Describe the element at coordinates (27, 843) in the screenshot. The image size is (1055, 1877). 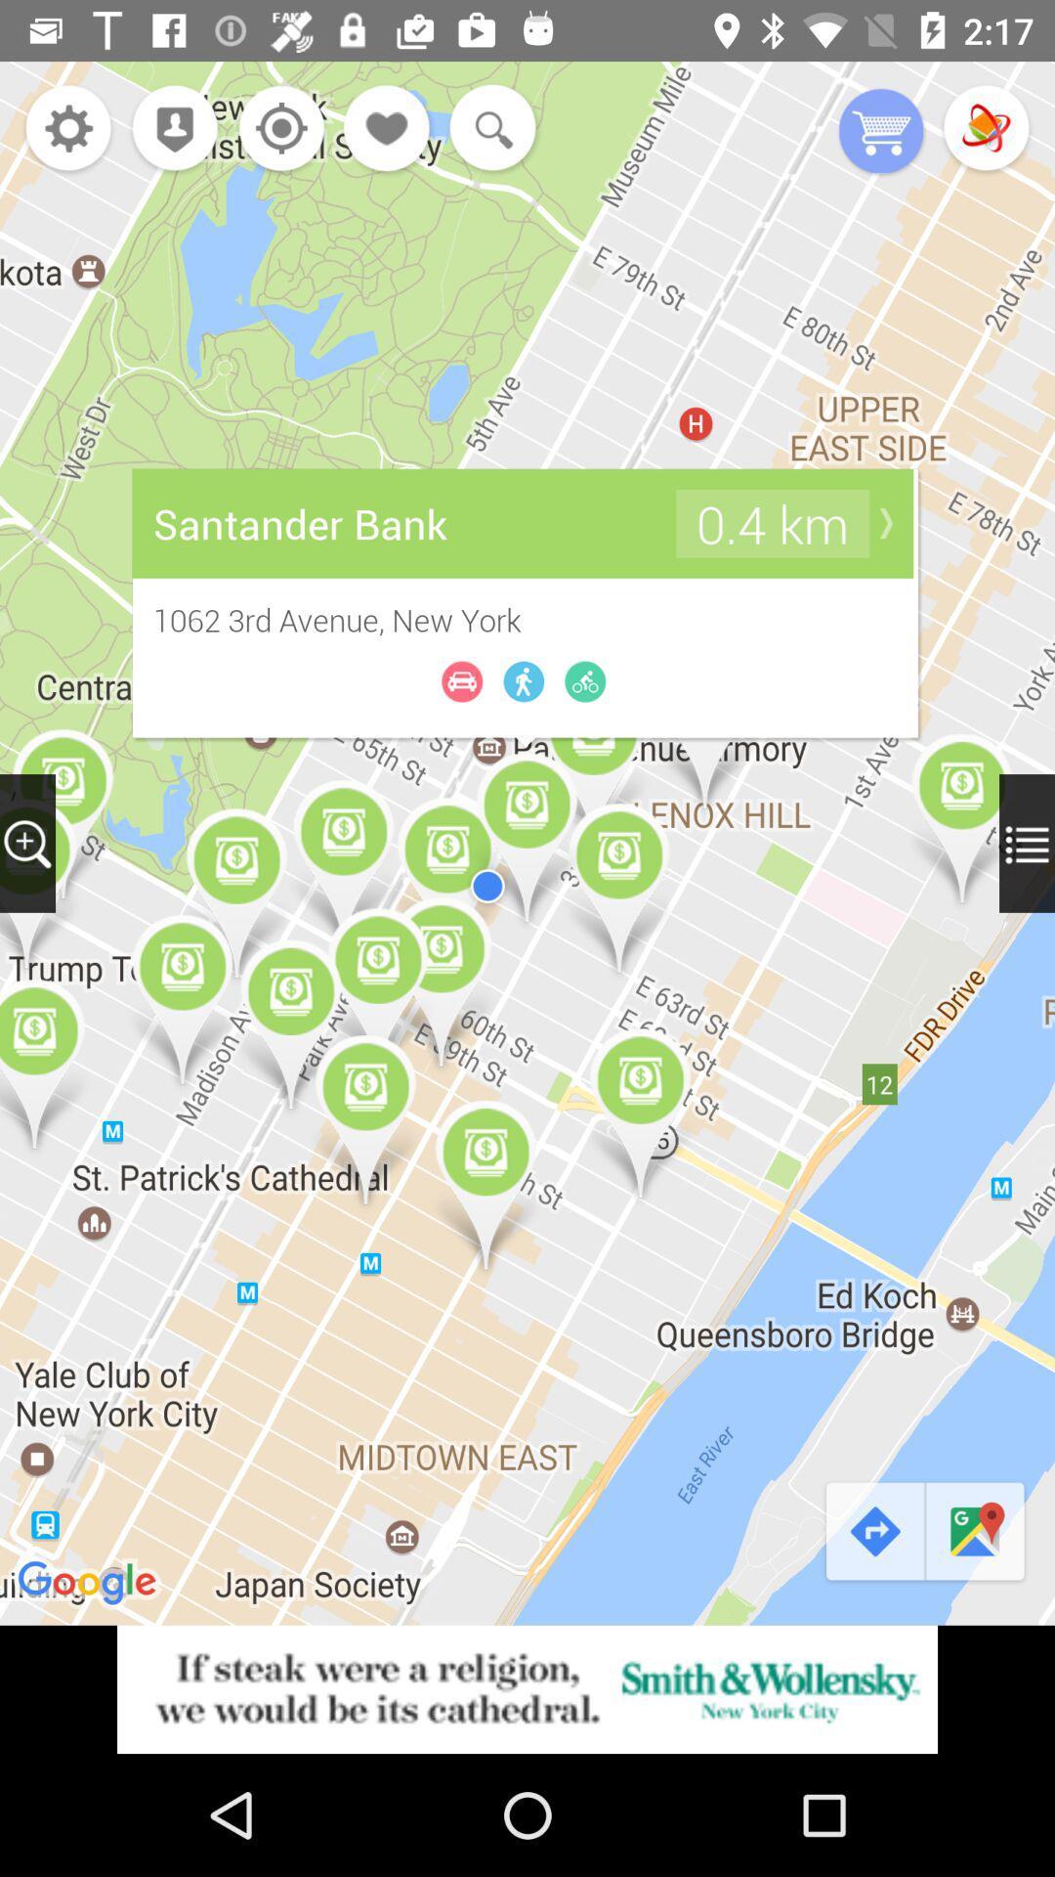
I see `zoom in` at that location.